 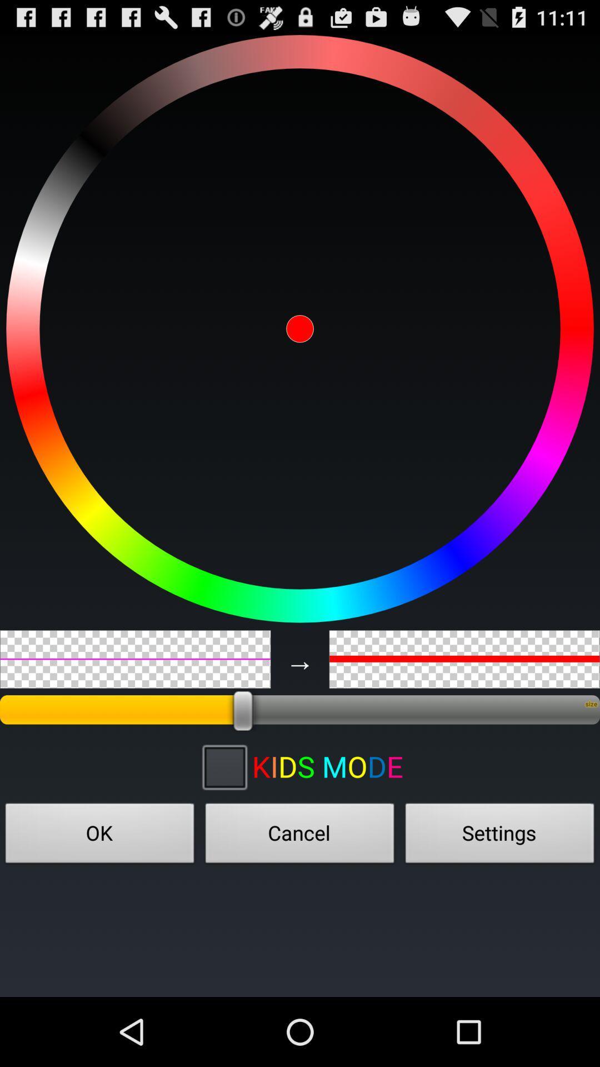 What do you see at coordinates (100, 836) in the screenshot?
I see `ok icon` at bounding box center [100, 836].